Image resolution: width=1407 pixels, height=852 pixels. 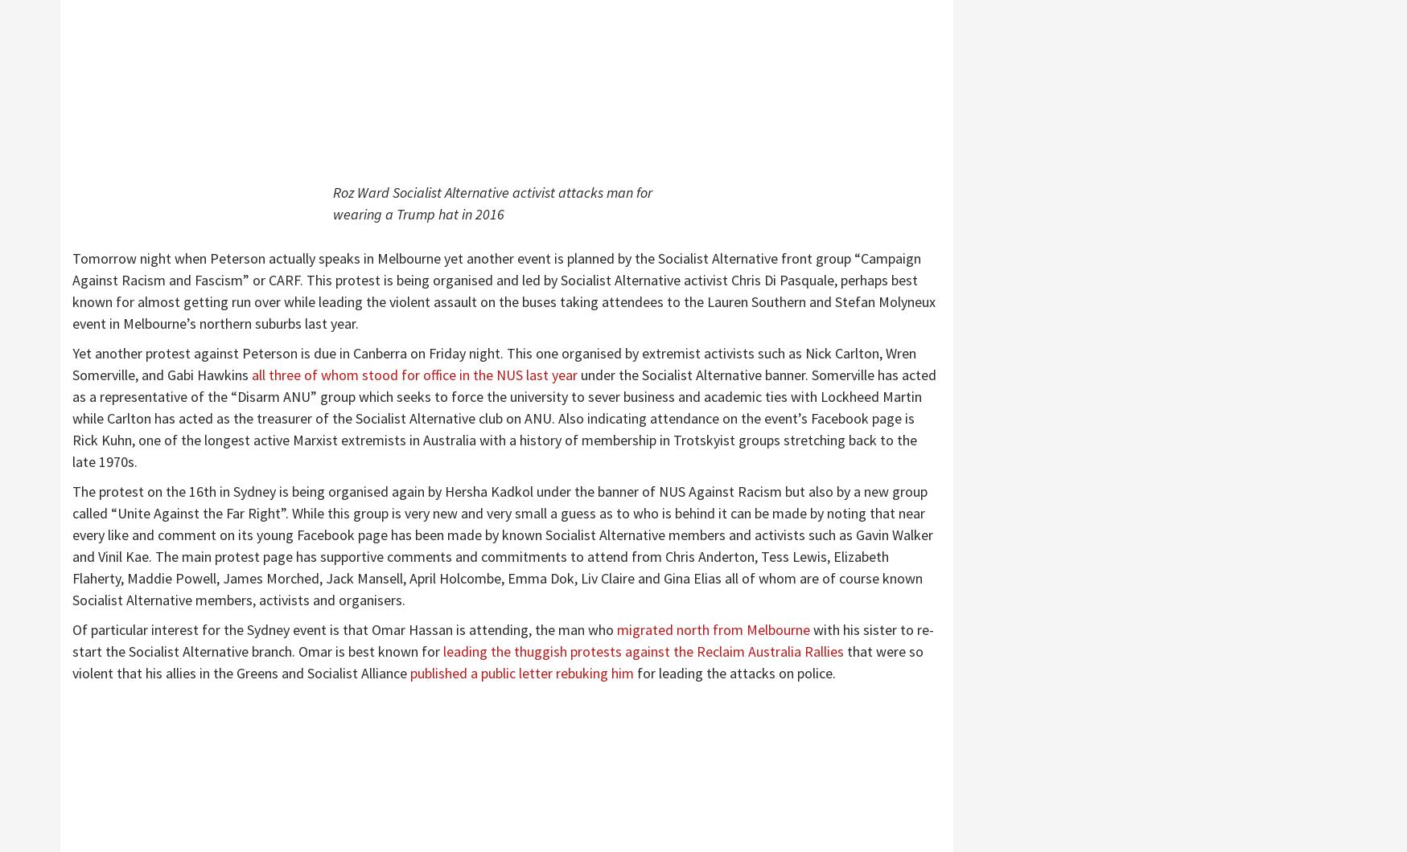 I want to click on 'all three of whom stood for office in the NUS last year', so click(x=415, y=374).